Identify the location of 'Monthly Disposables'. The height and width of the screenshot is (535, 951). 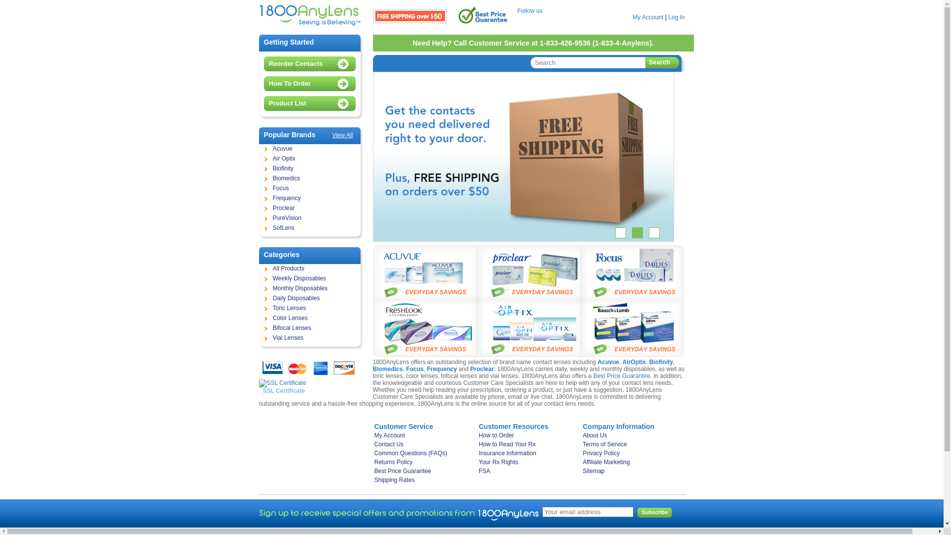
(309, 288).